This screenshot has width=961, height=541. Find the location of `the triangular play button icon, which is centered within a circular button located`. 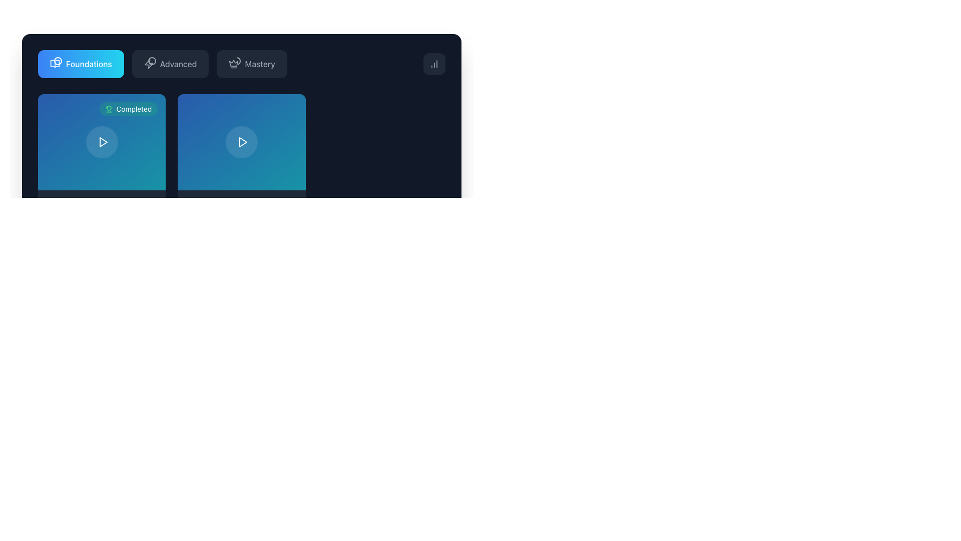

the triangular play button icon, which is centered within a circular button located is located at coordinates (242, 142).